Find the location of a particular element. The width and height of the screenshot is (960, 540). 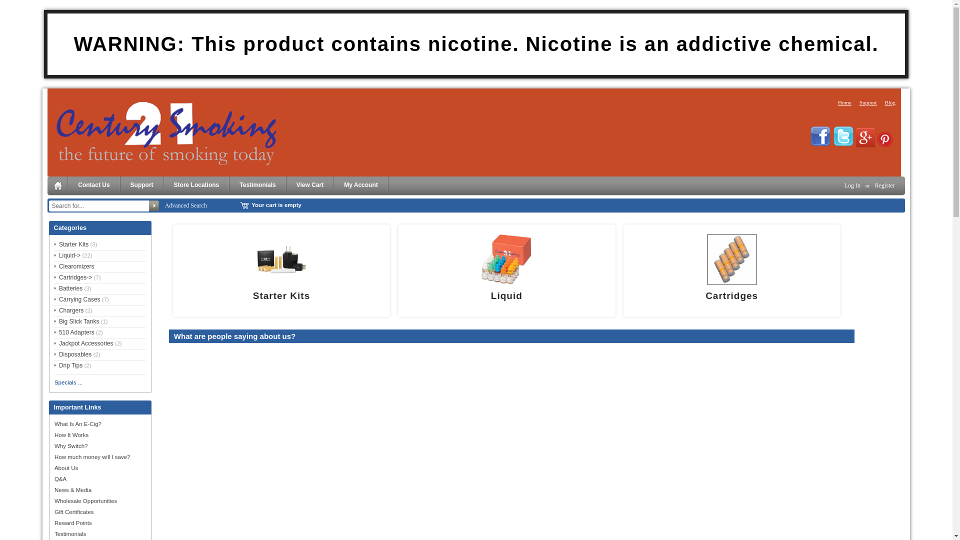

'News & Media' is located at coordinates (54, 489).